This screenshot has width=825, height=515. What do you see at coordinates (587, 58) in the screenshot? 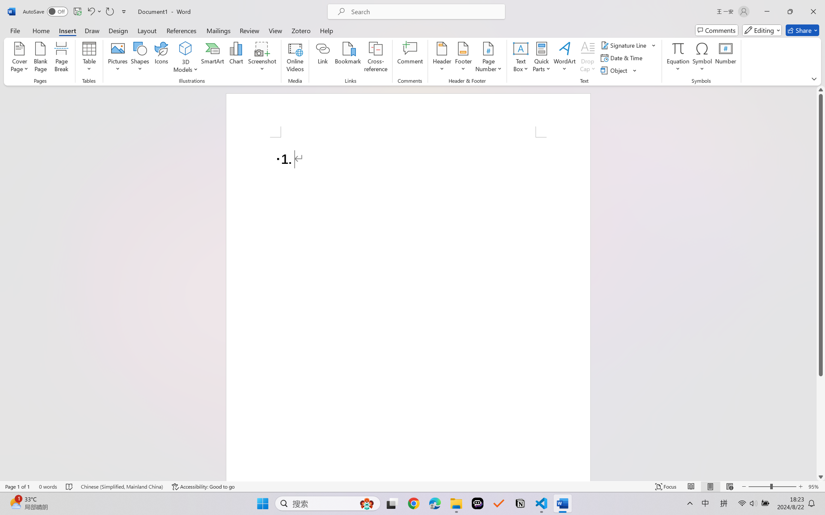
I see `'Drop Cap'` at bounding box center [587, 58].